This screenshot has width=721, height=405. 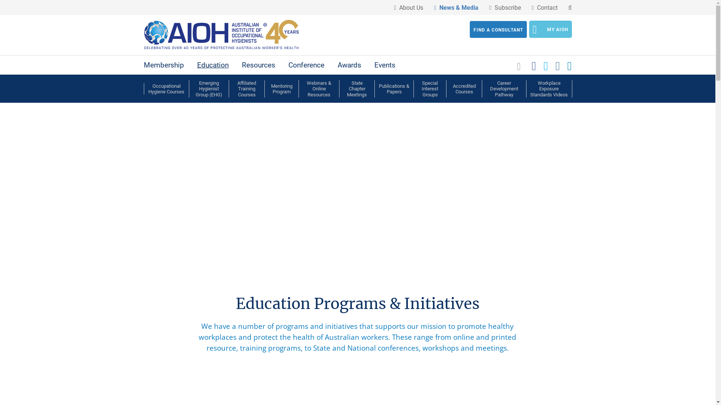 I want to click on 'Career Development Pathway', so click(x=504, y=88).